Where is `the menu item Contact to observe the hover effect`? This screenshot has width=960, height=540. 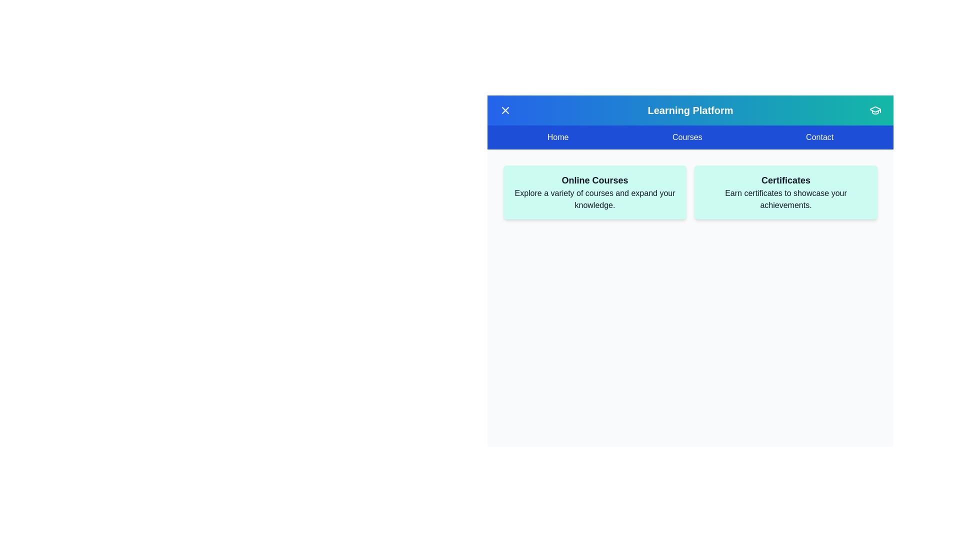 the menu item Contact to observe the hover effect is located at coordinates (820, 137).